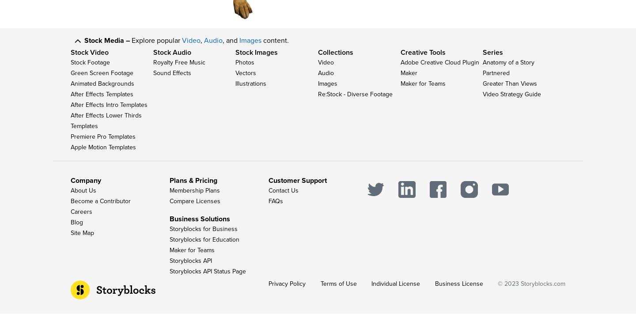 This screenshot has width=636, height=322. Describe the element at coordinates (106, 125) in the screenshot. I see `'After Effects Lower Thirds Templates'` at that location.